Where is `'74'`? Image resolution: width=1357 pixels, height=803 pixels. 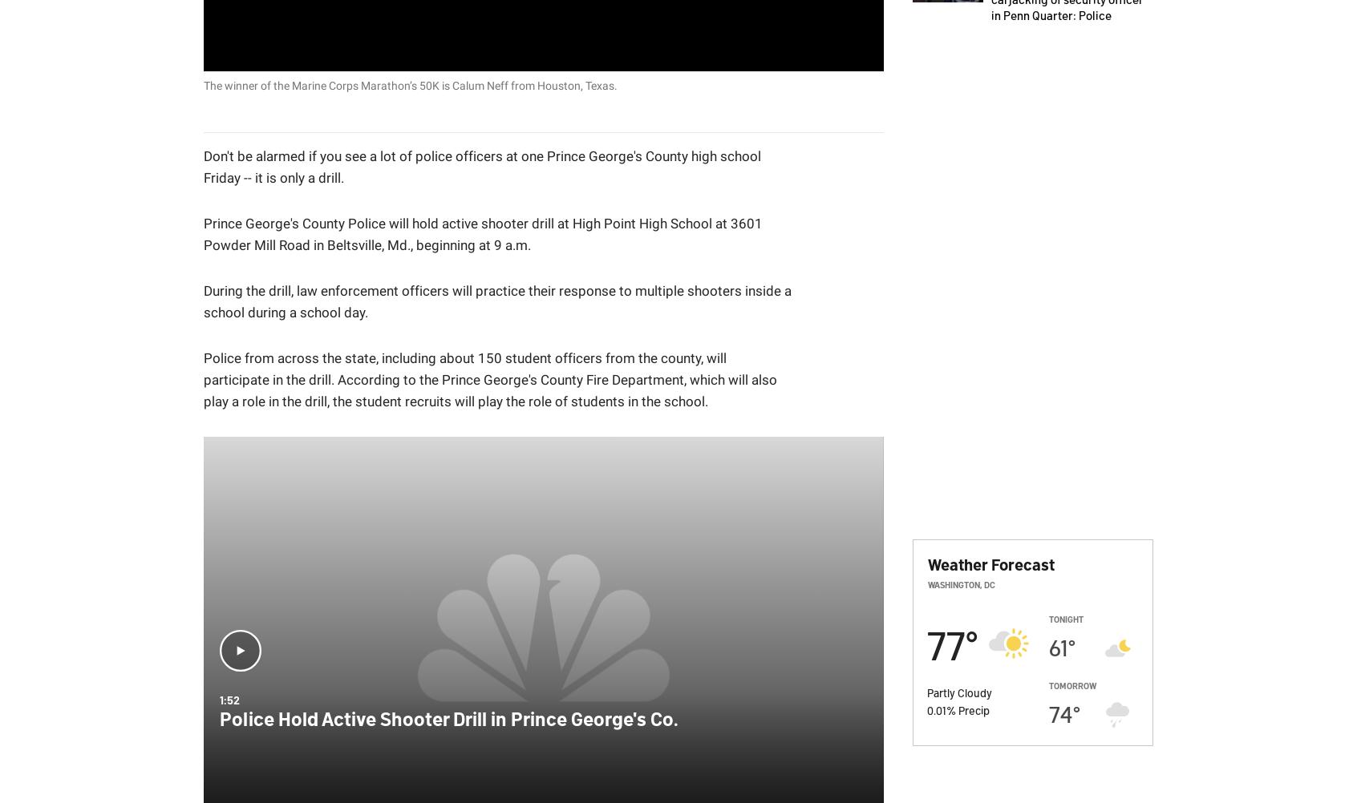
'74' is located at coordinates (1059, 712).